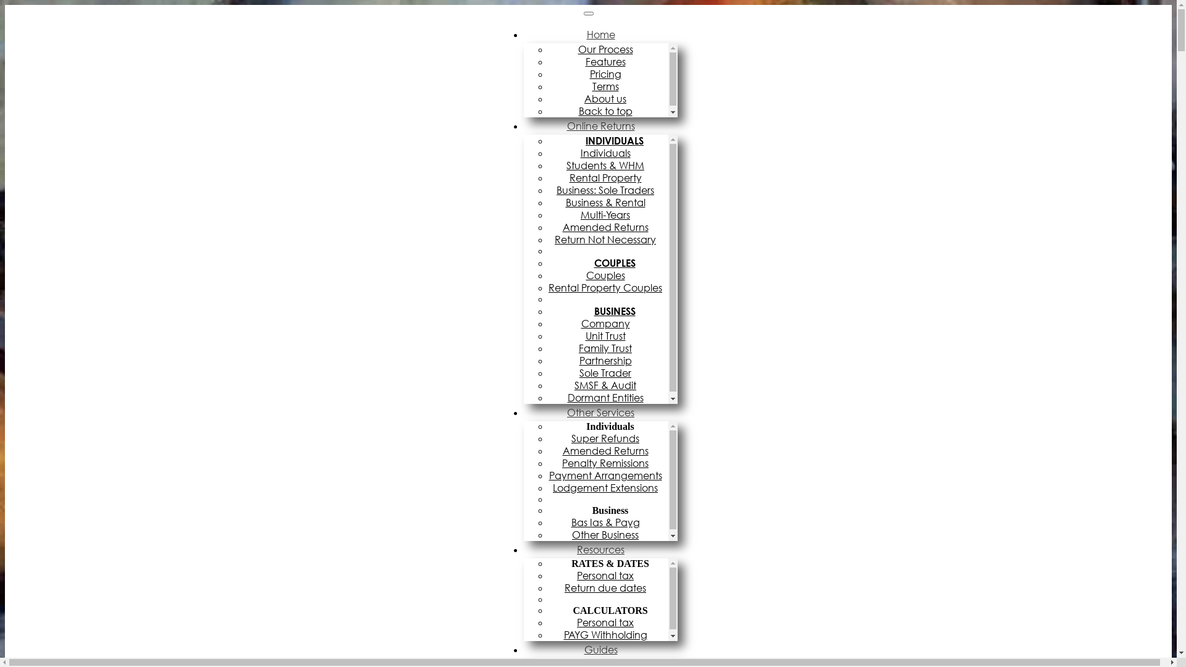 This screenshot has height=667, width=1186. Describe the element at coordinates (608, 98) in the screenshot. I see `'About us'` at that location.